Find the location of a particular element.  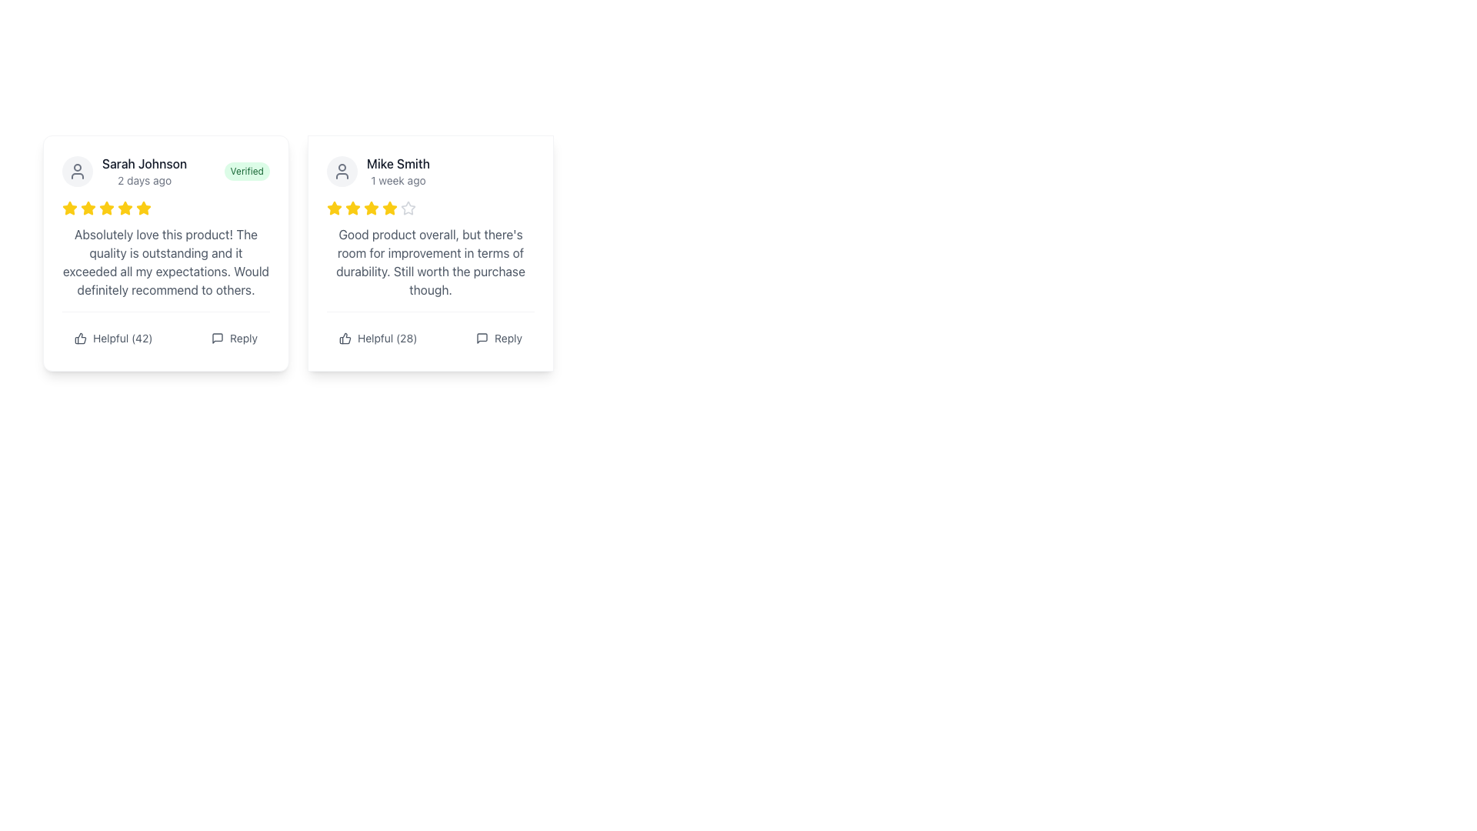

the gray outlined star icon, which is the fifth star in the rating system under the user's name 'Mike Smith' in the second review card on the right is located at coordinates (408, 208).